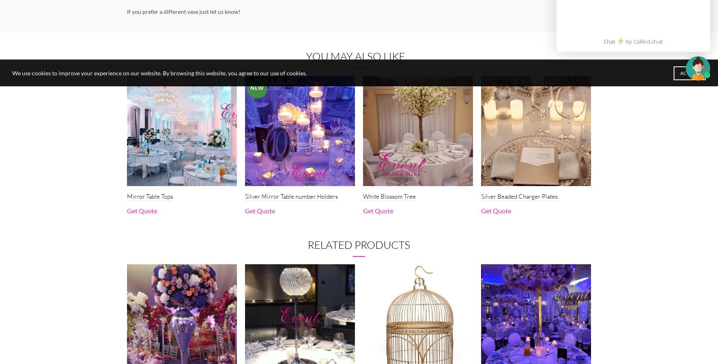 The image size is (718, 364). What do you see at coordinates (359, 244) in the screenshot?
I see `'Related products'` at bounding box center [359, 244].